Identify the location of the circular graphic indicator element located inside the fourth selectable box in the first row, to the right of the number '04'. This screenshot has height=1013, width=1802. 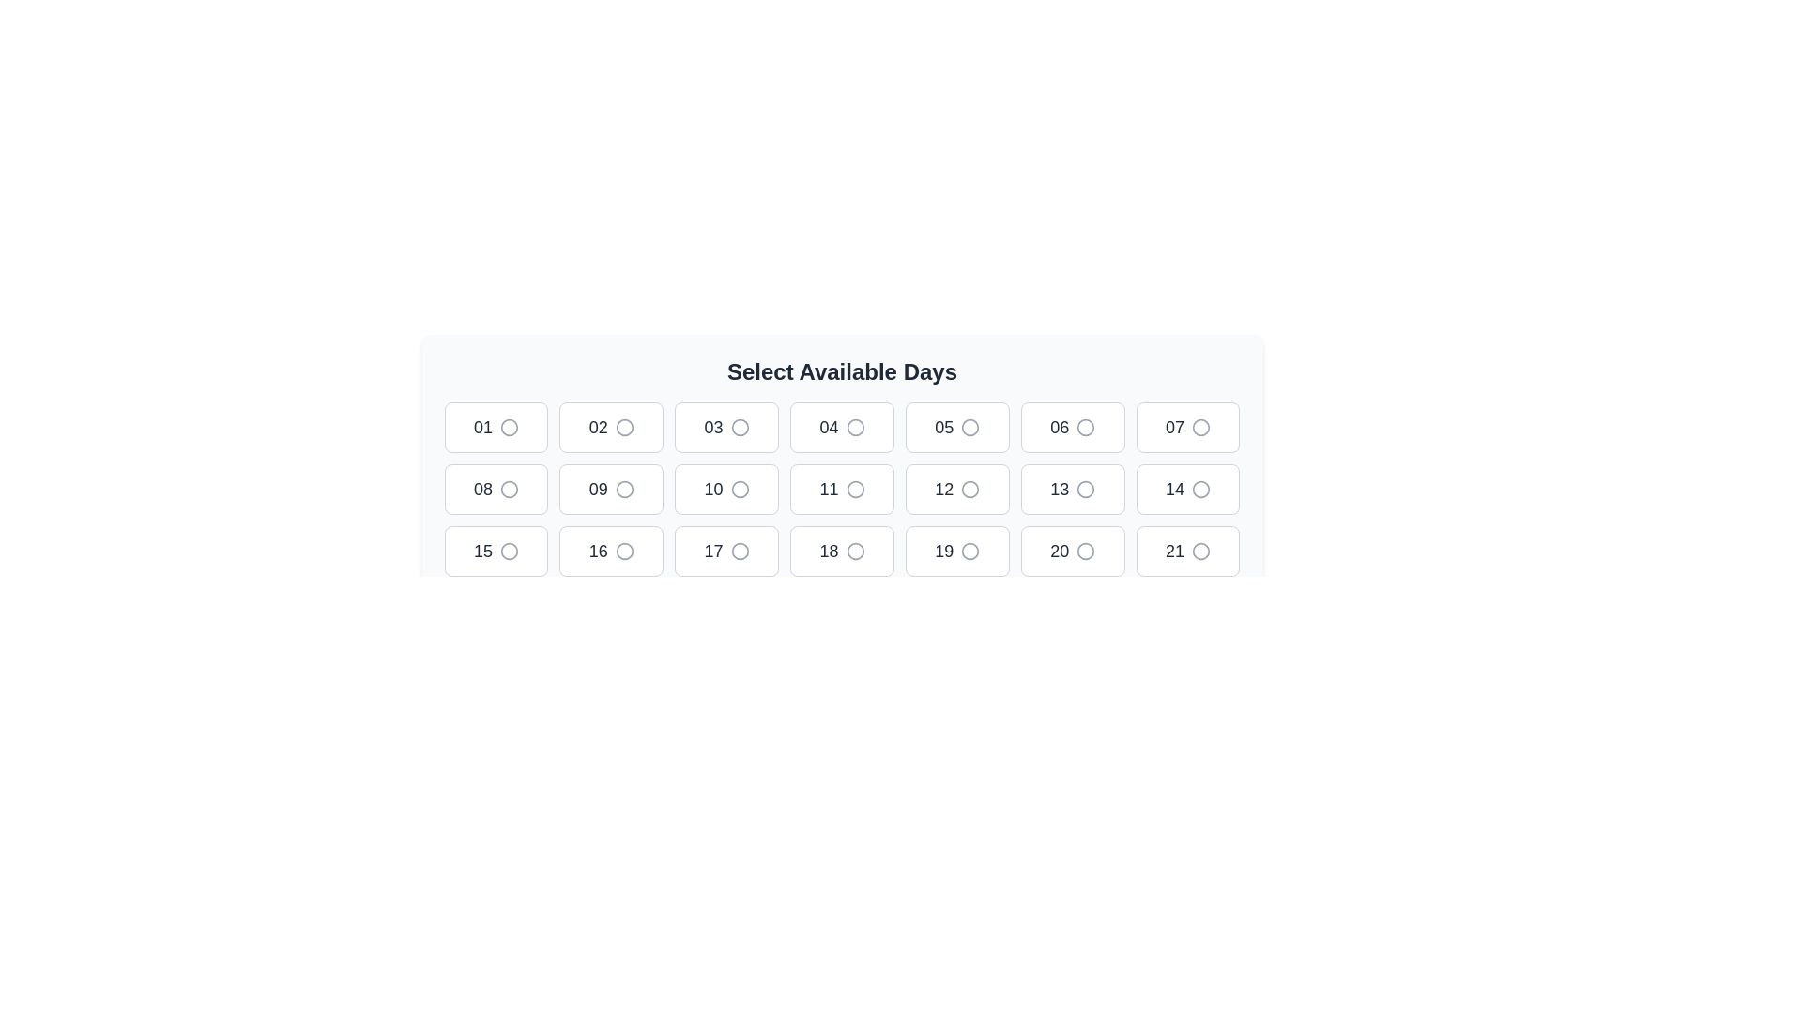
(854, 427).